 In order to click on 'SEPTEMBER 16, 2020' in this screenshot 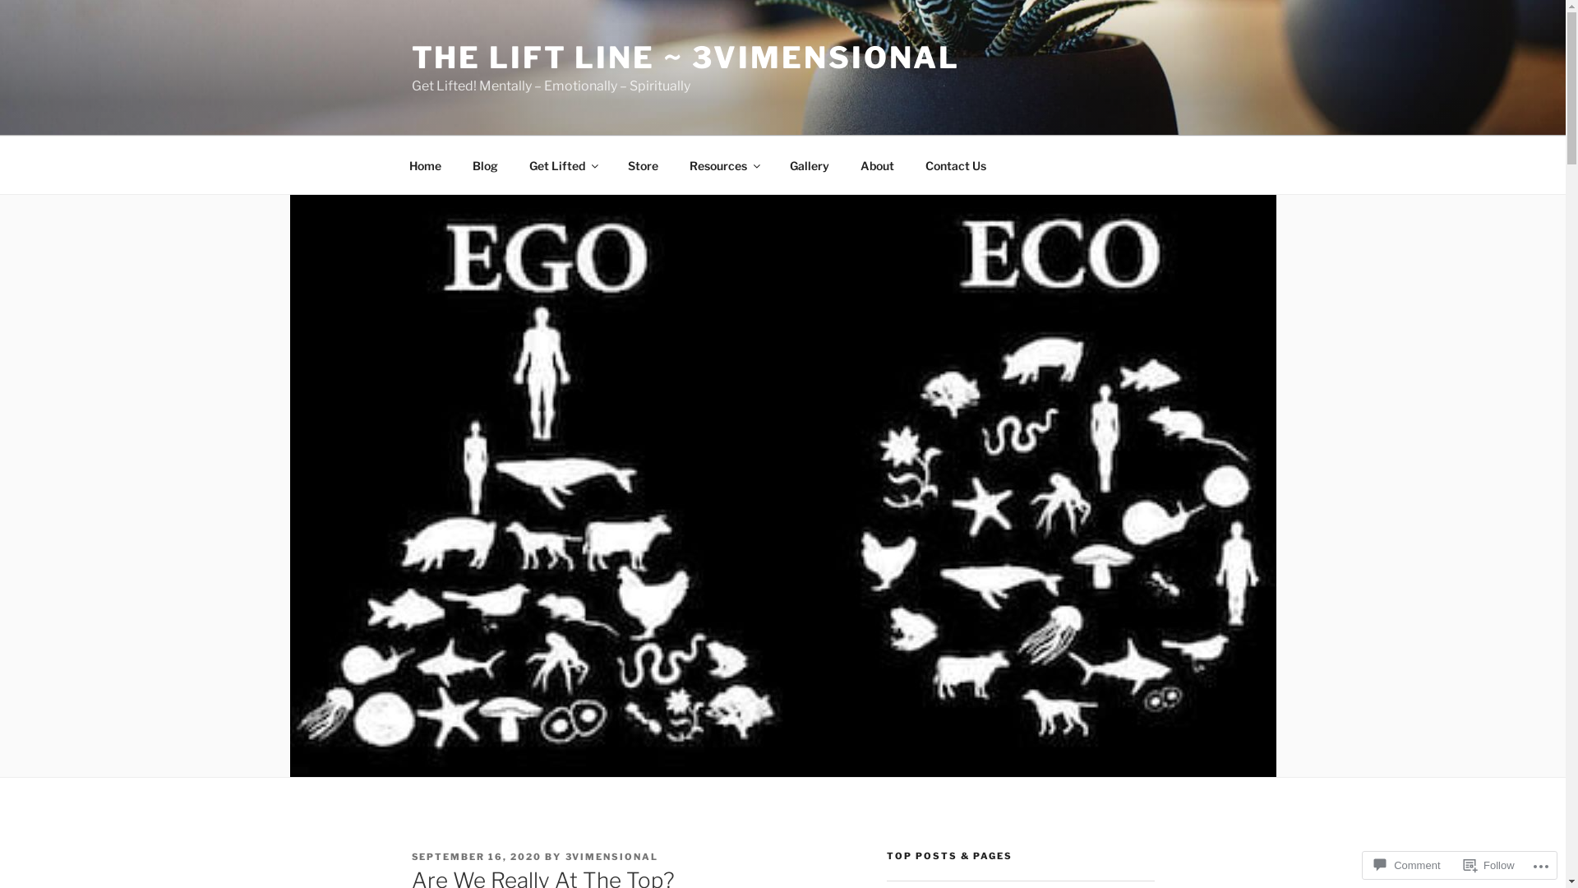, I will do `click(475, 855)`.